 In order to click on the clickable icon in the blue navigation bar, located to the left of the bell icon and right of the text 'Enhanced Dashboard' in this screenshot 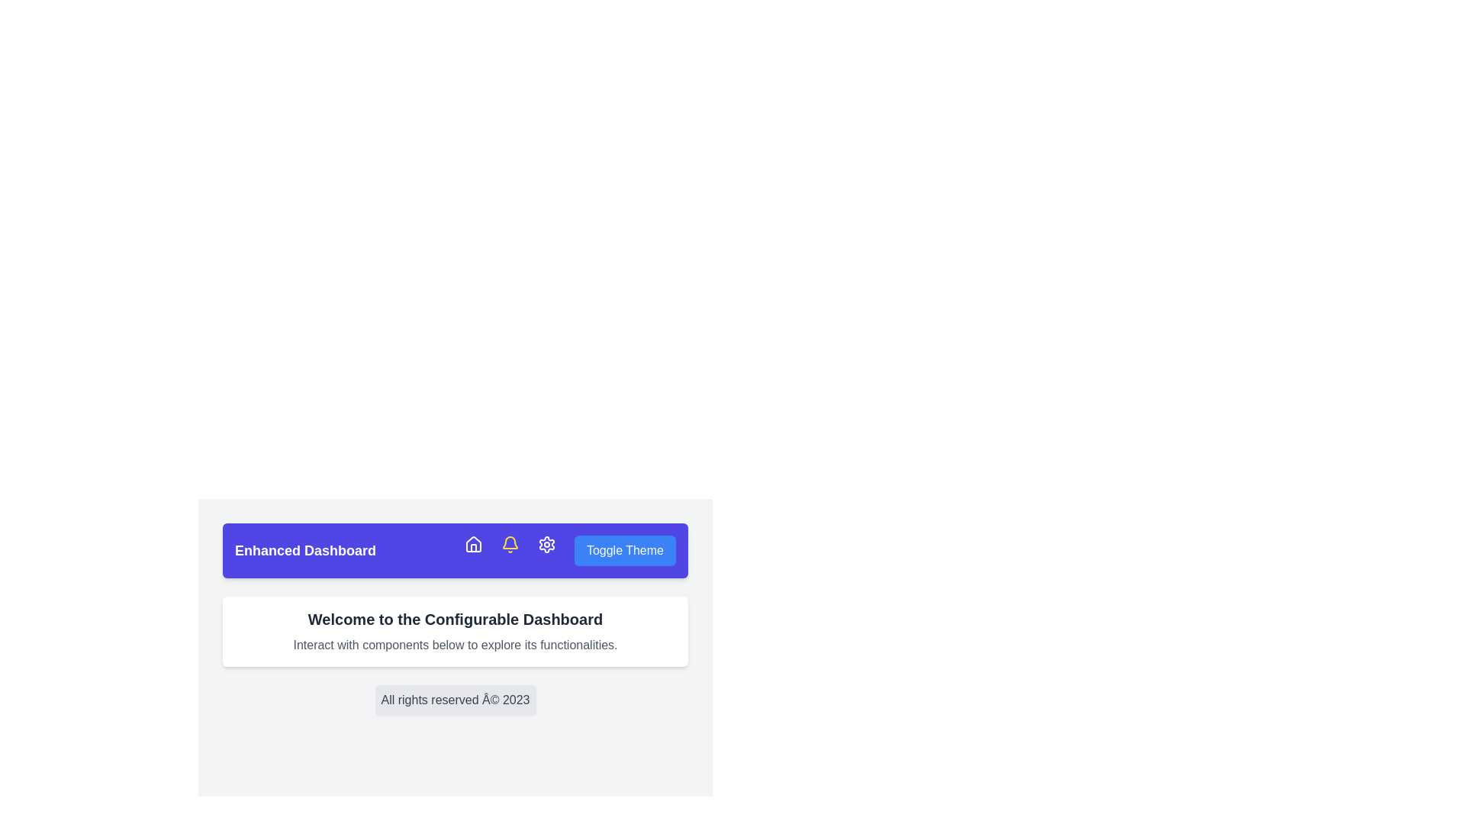, I will do `click(472, 543)`.